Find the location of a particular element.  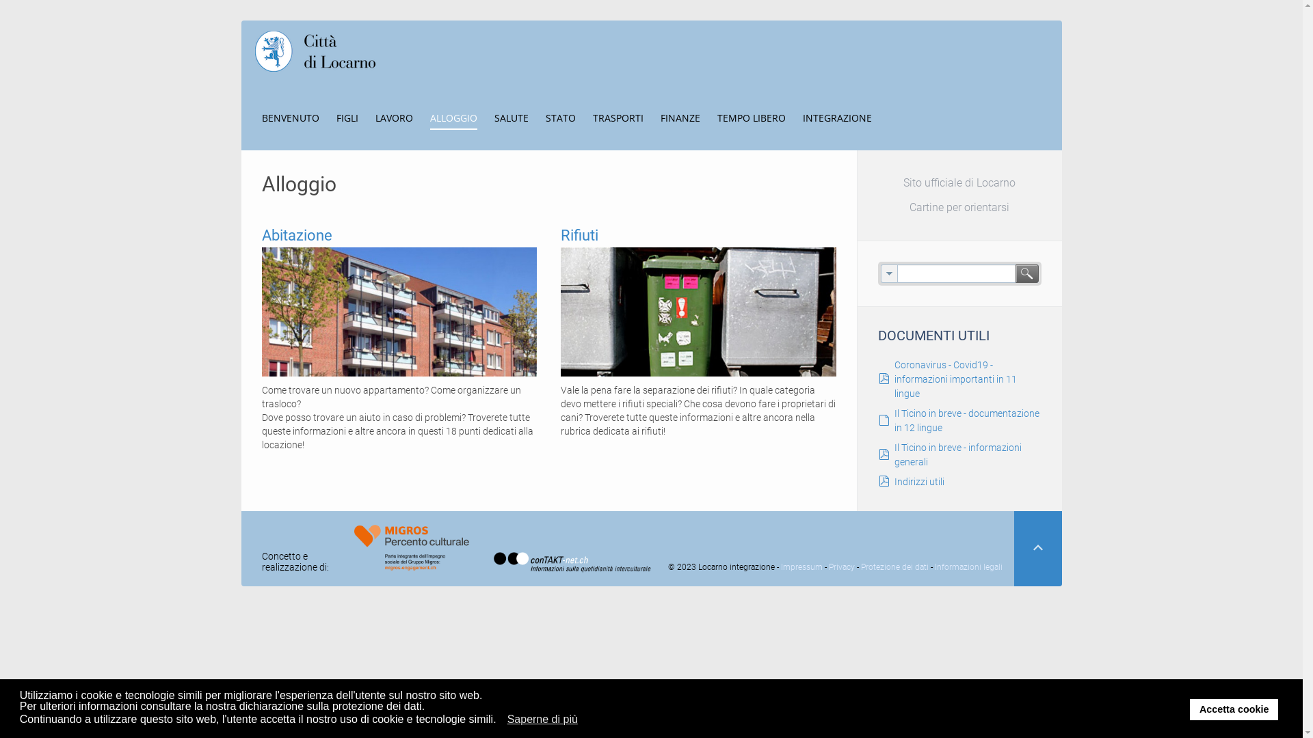

'Abitazione' is located at coordinates (398, 311).